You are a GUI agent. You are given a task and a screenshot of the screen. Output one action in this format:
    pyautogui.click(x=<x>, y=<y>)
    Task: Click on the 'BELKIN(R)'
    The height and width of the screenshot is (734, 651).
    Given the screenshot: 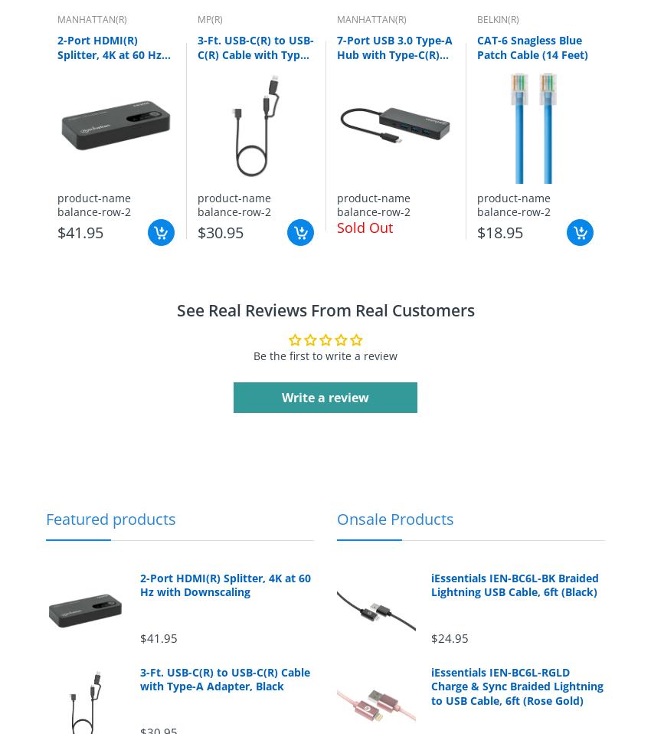 What is the action you would take?
    pyautogui.click(x=497, y=18)
    